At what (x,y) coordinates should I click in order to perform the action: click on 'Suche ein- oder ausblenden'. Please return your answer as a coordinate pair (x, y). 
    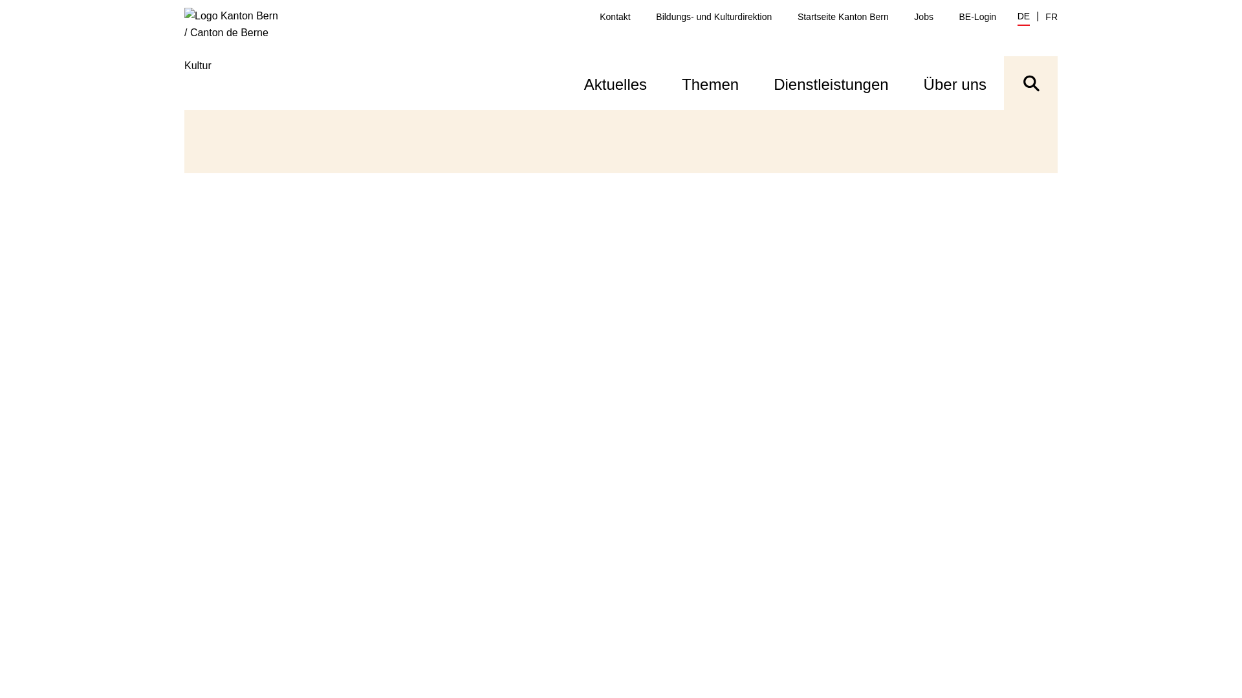
    Looking at the image, I should click on (1030, 83).